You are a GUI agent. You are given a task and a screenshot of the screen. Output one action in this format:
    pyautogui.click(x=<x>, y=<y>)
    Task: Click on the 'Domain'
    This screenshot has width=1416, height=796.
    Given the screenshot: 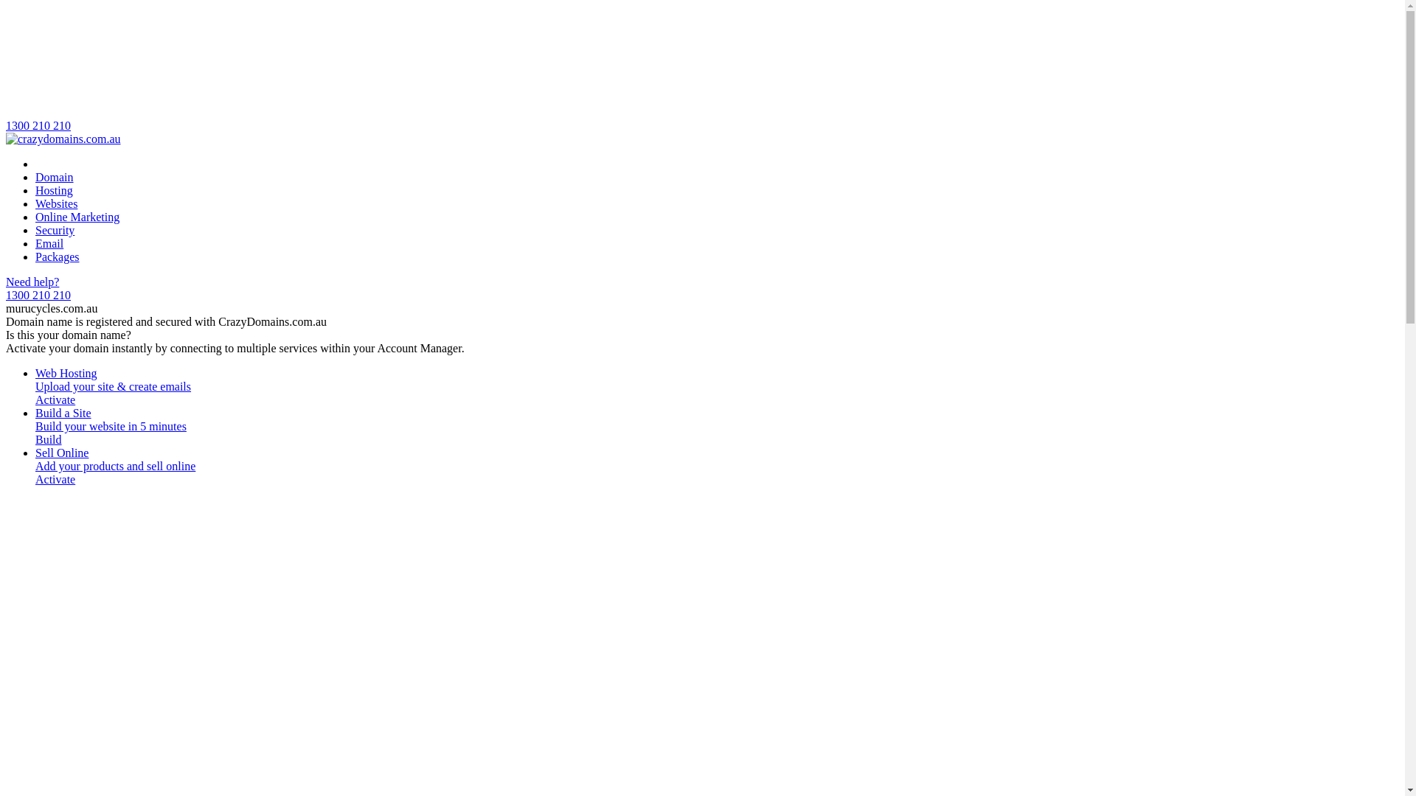 What is the action you would take?
    pyautogui.click(x=54, y=176)
    